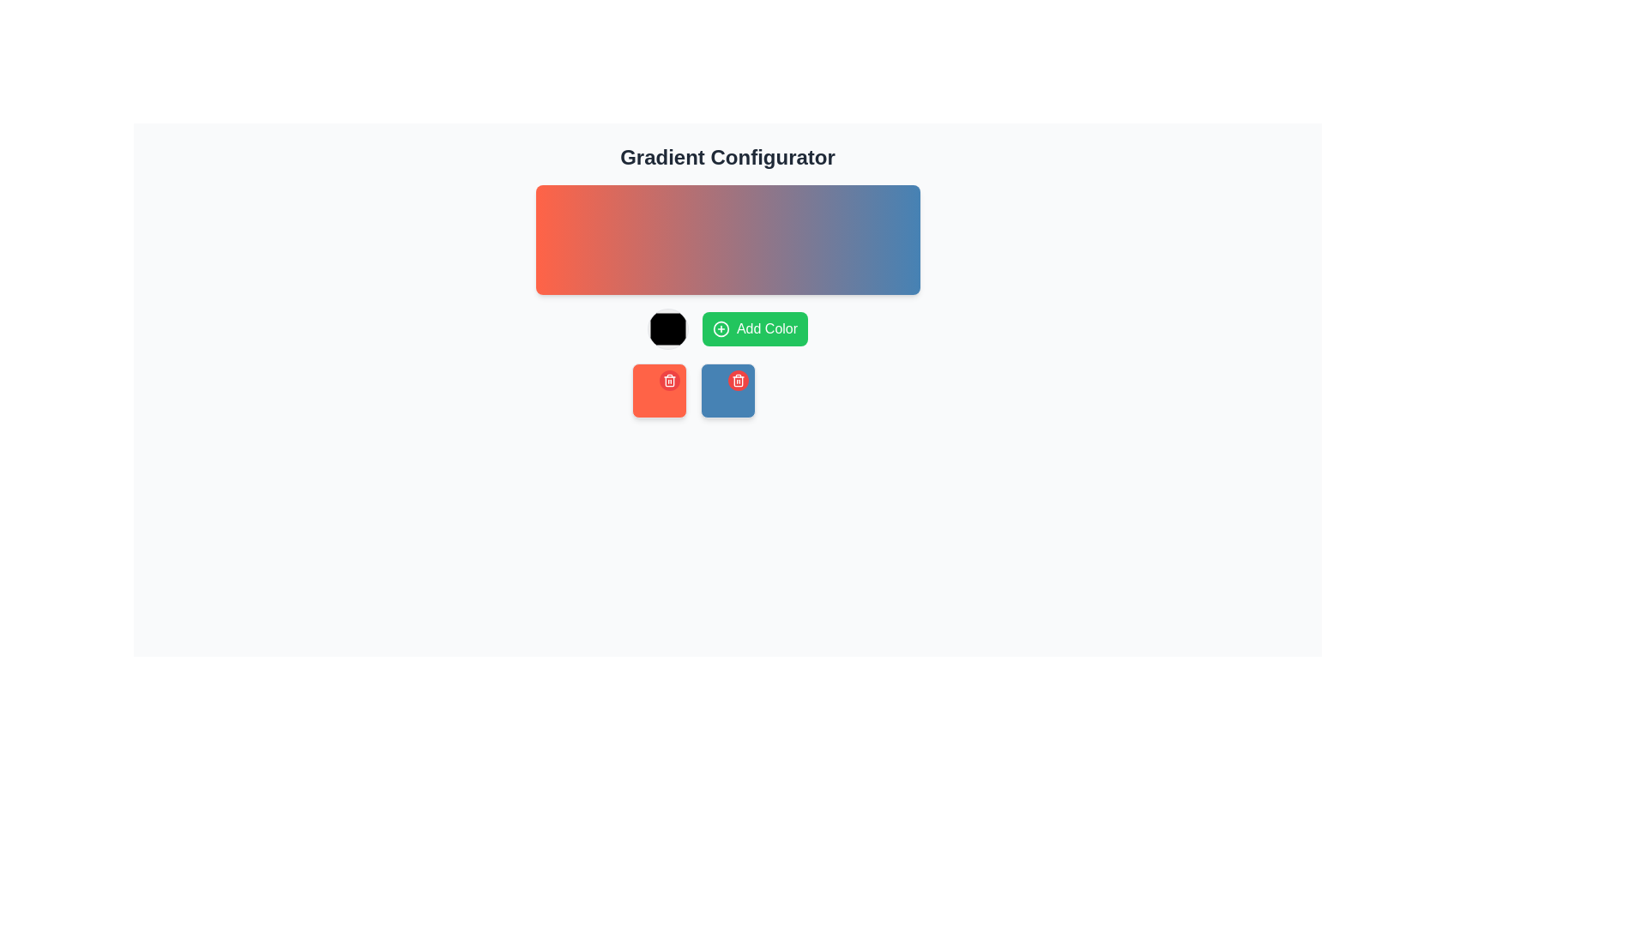  Describe the element at coordinates (755, 329) in the screenshot. I see `the green 'Add Color' button with rounded corners, which features a white text and a circular plus icon, located centrally below the black circular color selector` at that location.